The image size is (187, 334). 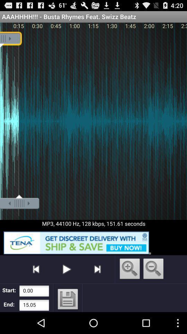 I want to click on open link to advertisement, so click(x=93, y=241).